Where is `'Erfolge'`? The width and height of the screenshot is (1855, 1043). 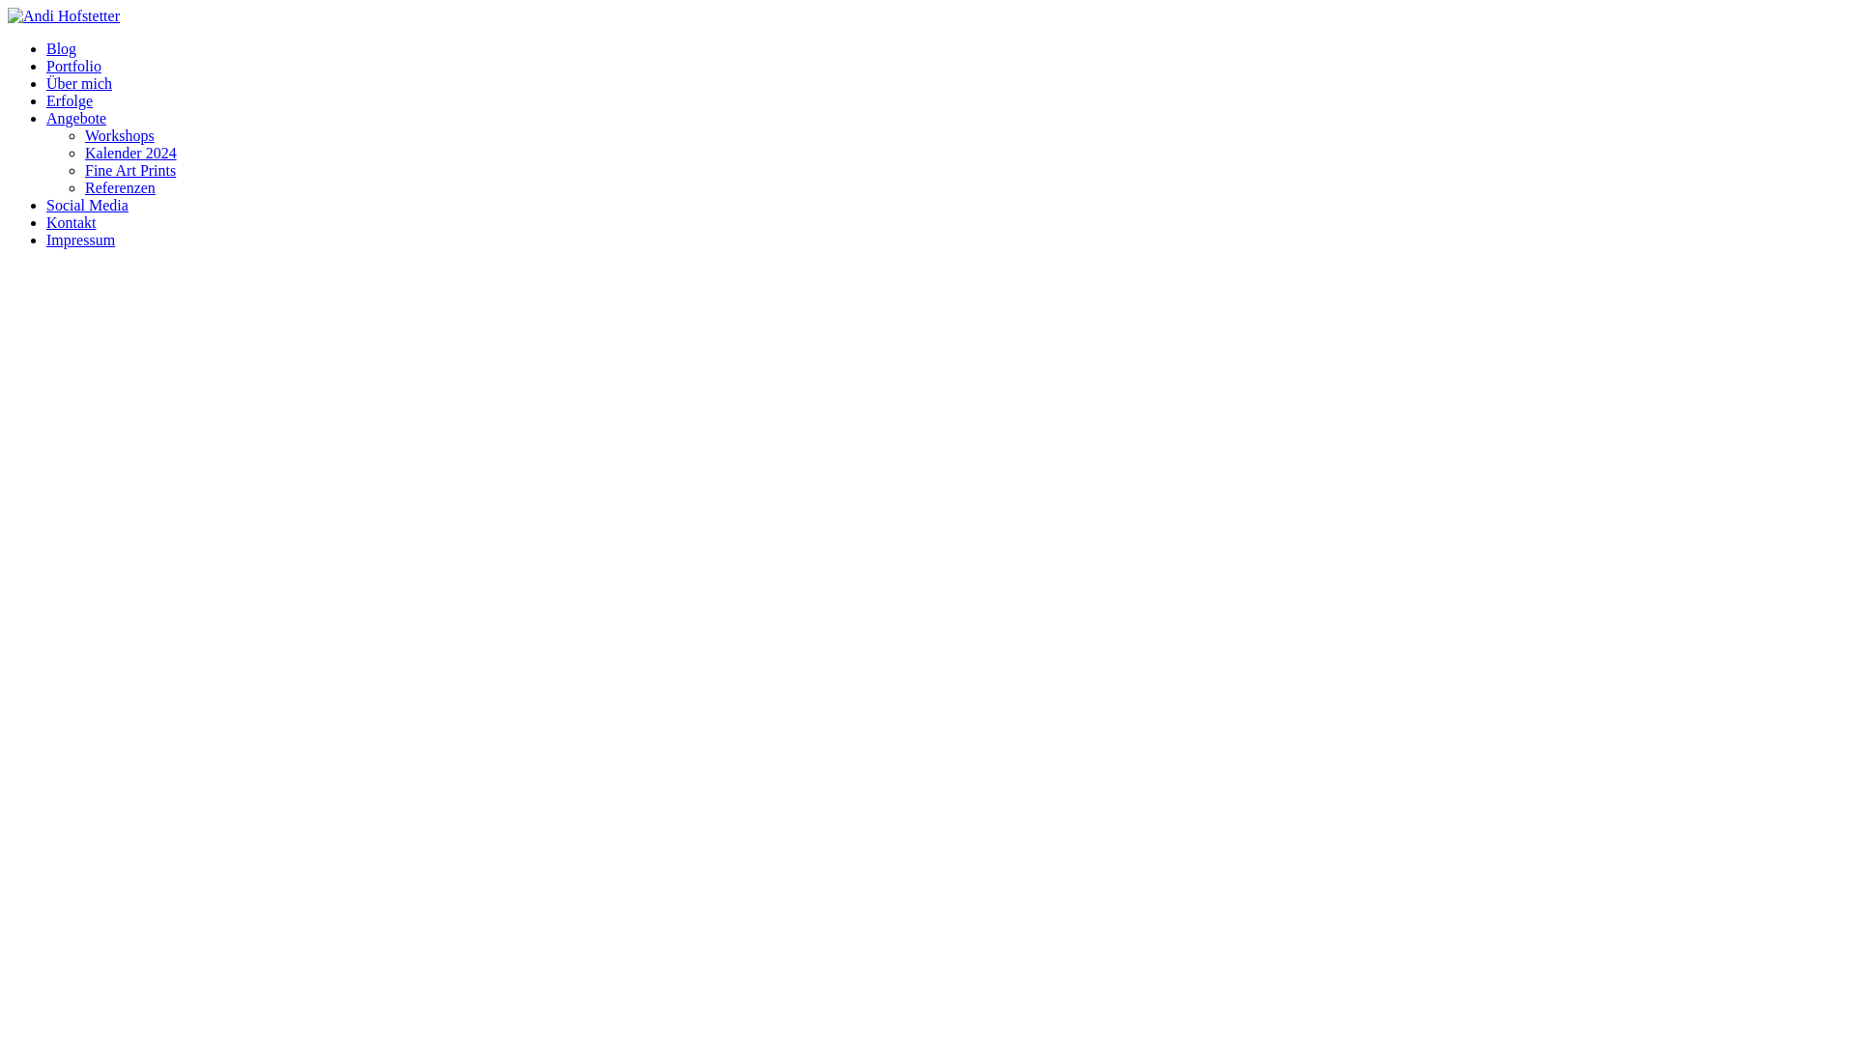
'Erfolge' is located at coordinates (70, 100).